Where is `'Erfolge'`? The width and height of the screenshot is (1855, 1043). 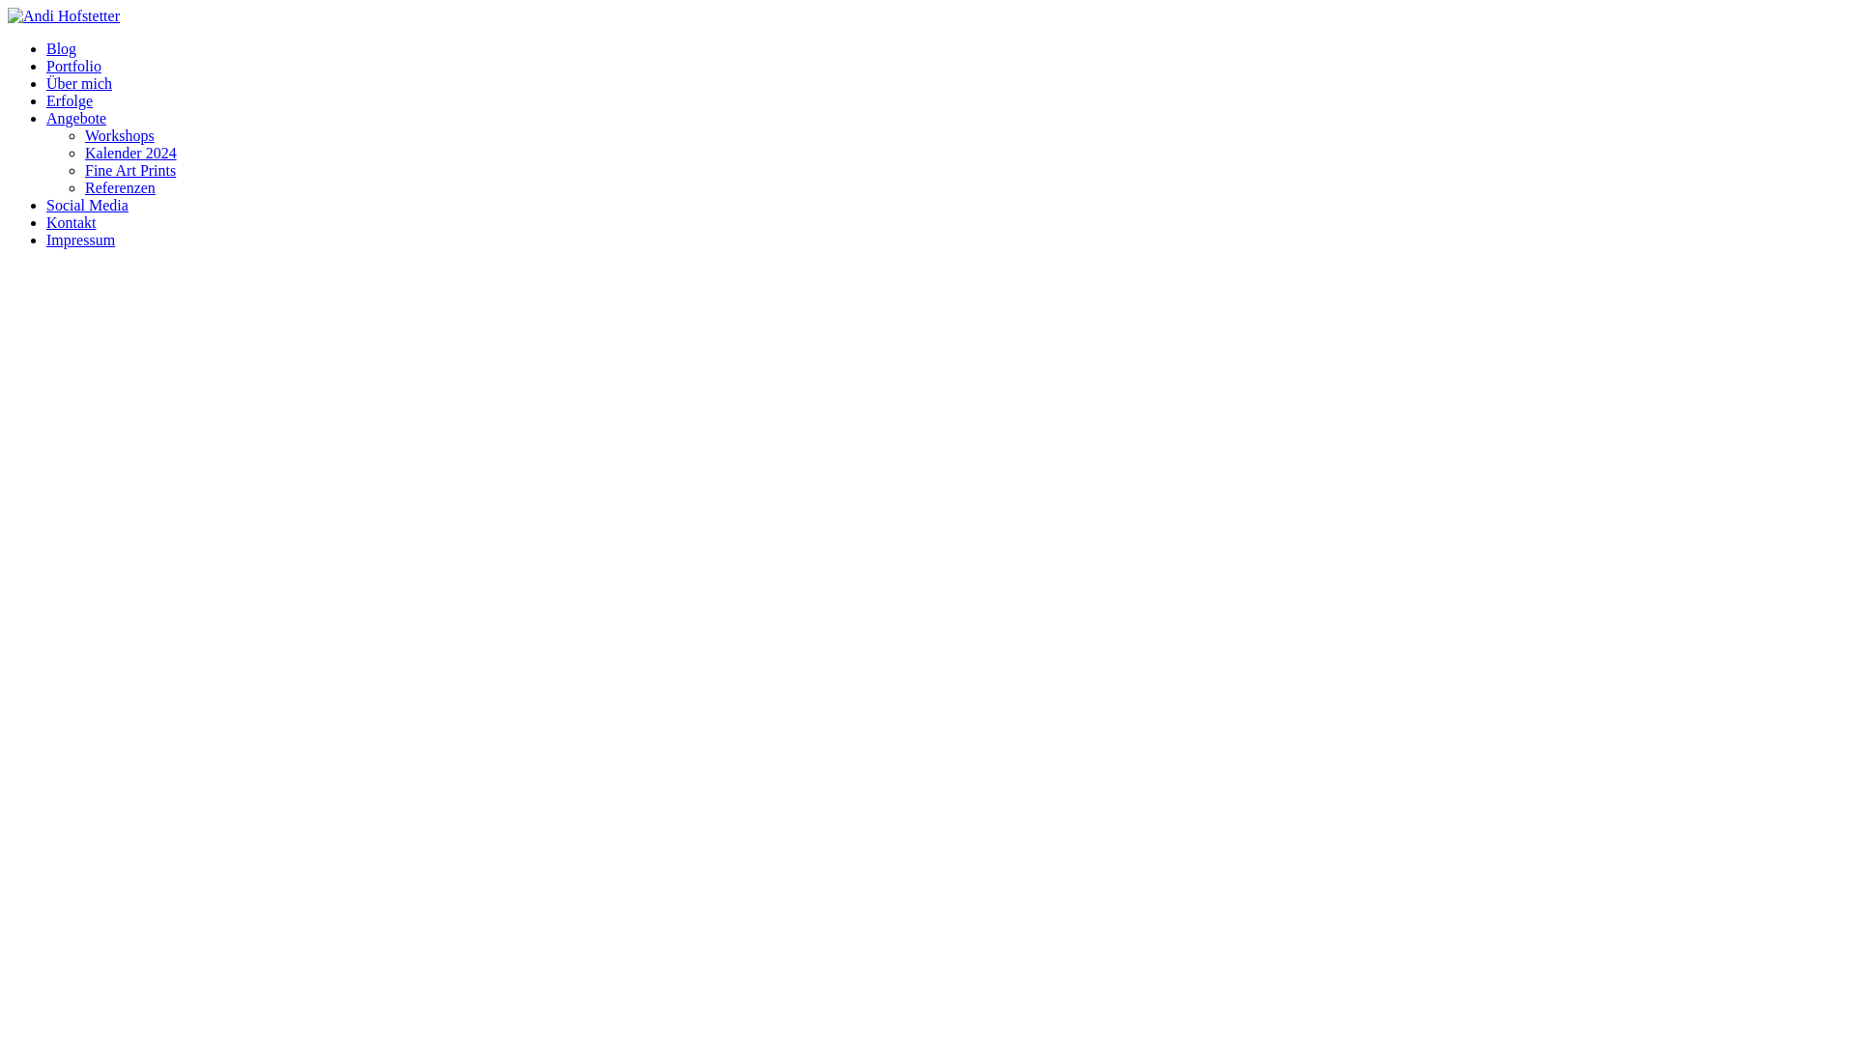
'Erfolge' is located at coordinates (70, 100).